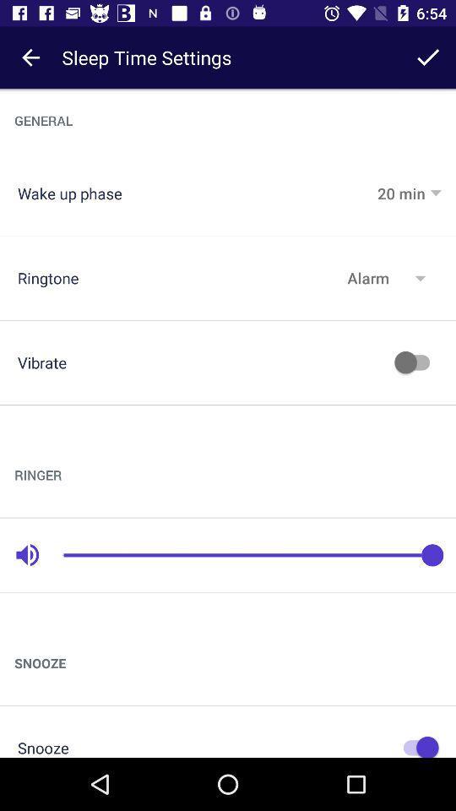 The image size is (456, 811). Describe the element at coordinates (415, 362) in the screenshot. I see `switch autoplay option` at that location.